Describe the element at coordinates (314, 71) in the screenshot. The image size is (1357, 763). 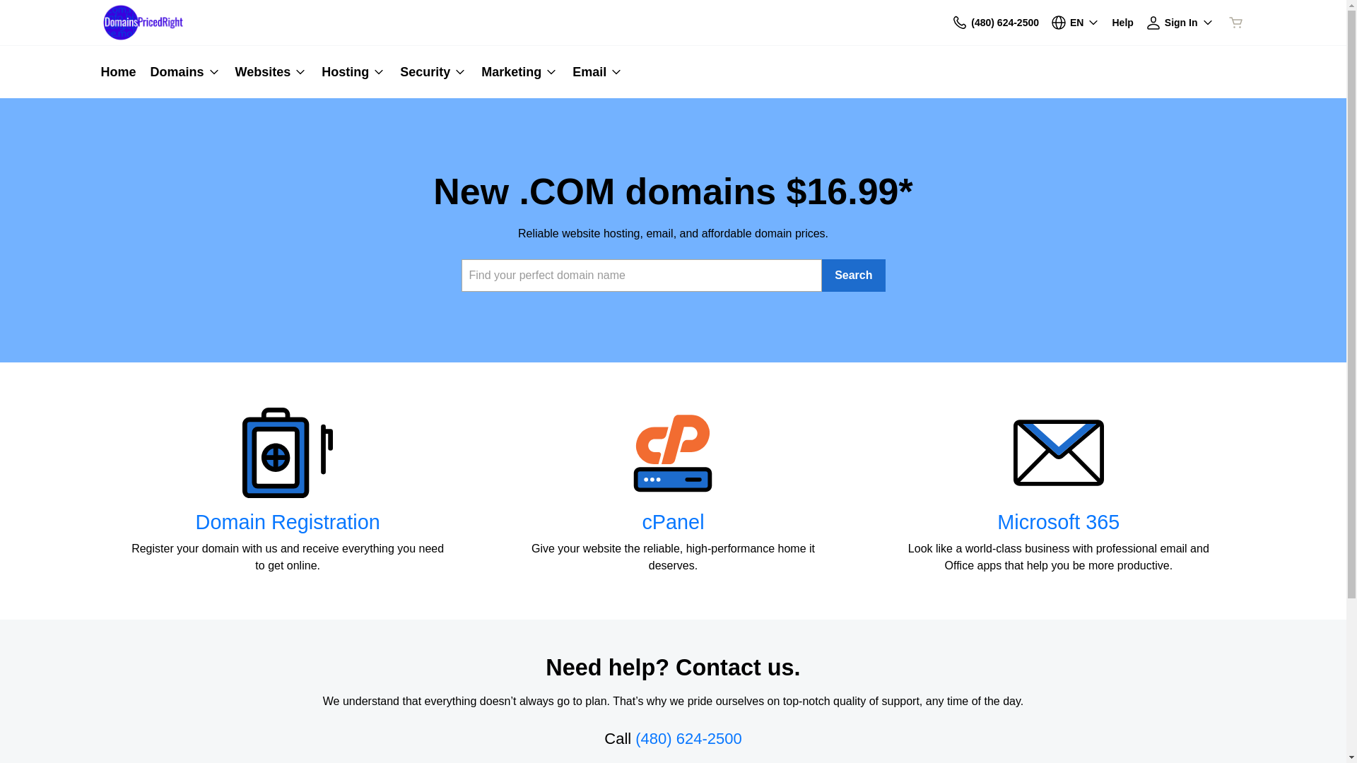
I see `'Hosting'` at that location.